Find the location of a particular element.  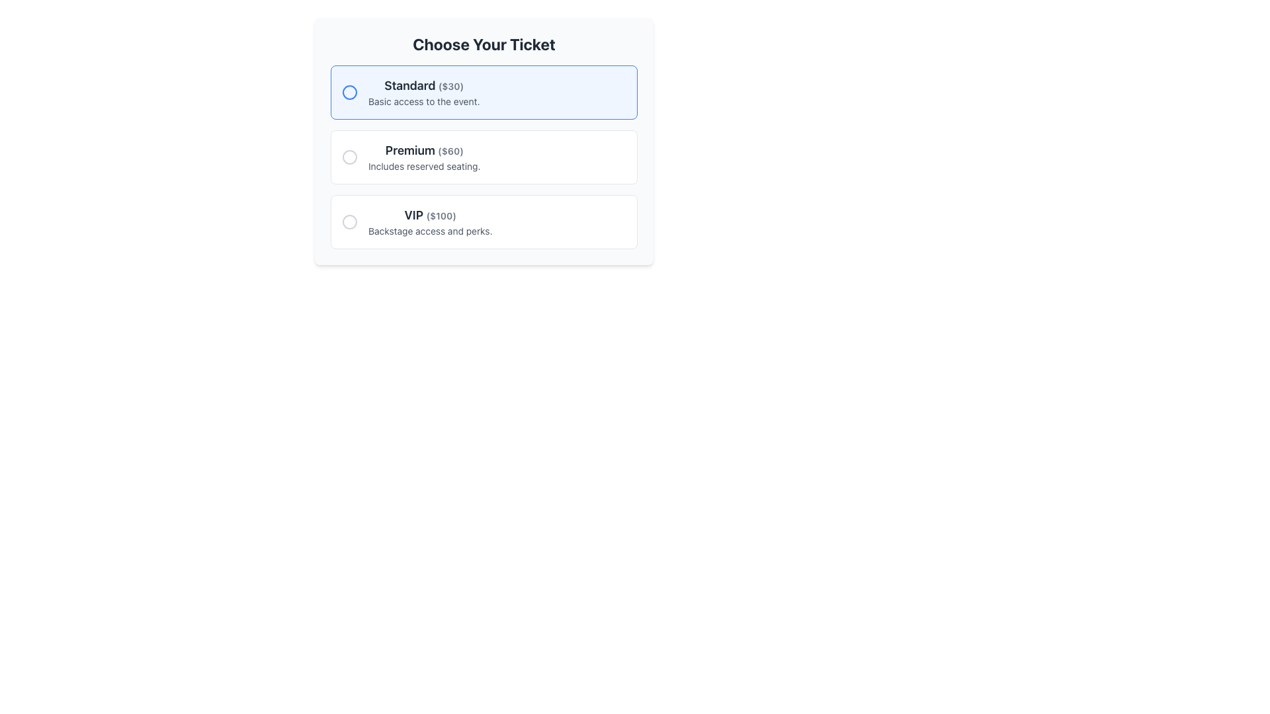

text from the 'Premium' ticket option label, which is the primary header text in the middle section of the ticket selection UI is located at coordinates (424, 149).